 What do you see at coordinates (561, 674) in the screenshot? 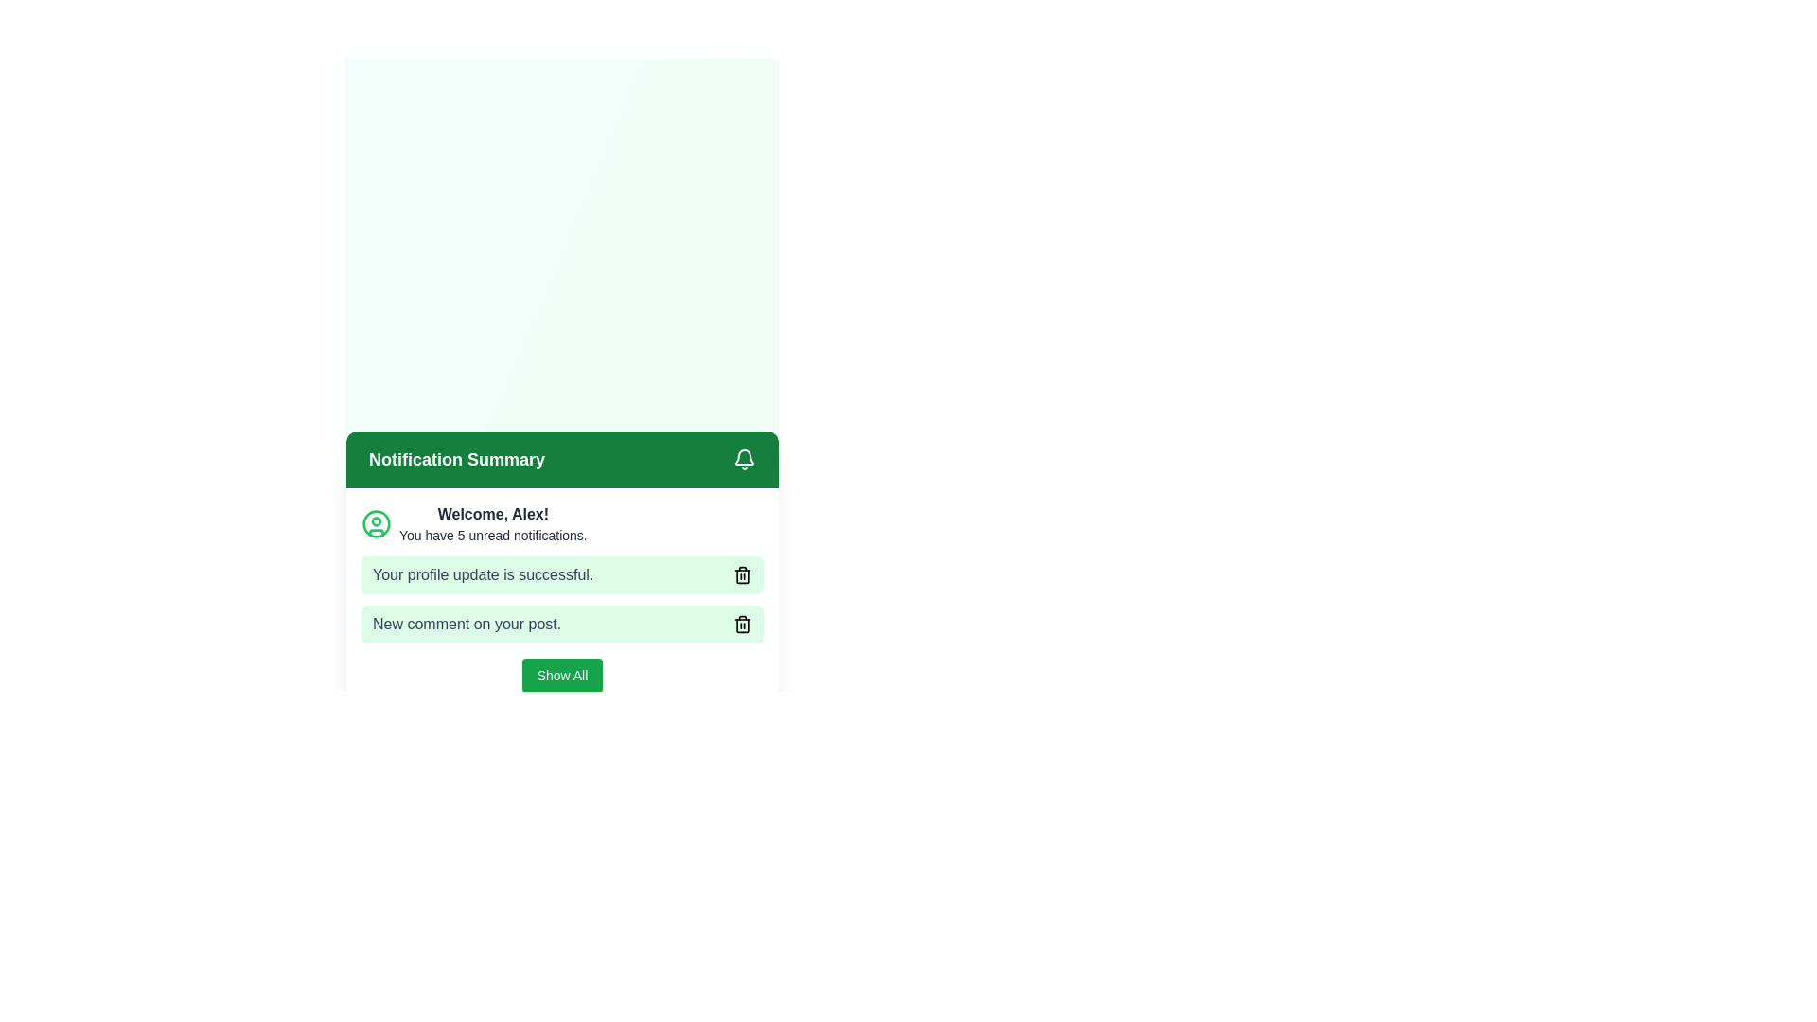
I see `the button located at the bottom of the notification panel, which has a green background and white text` at bounding box center [561, 674].